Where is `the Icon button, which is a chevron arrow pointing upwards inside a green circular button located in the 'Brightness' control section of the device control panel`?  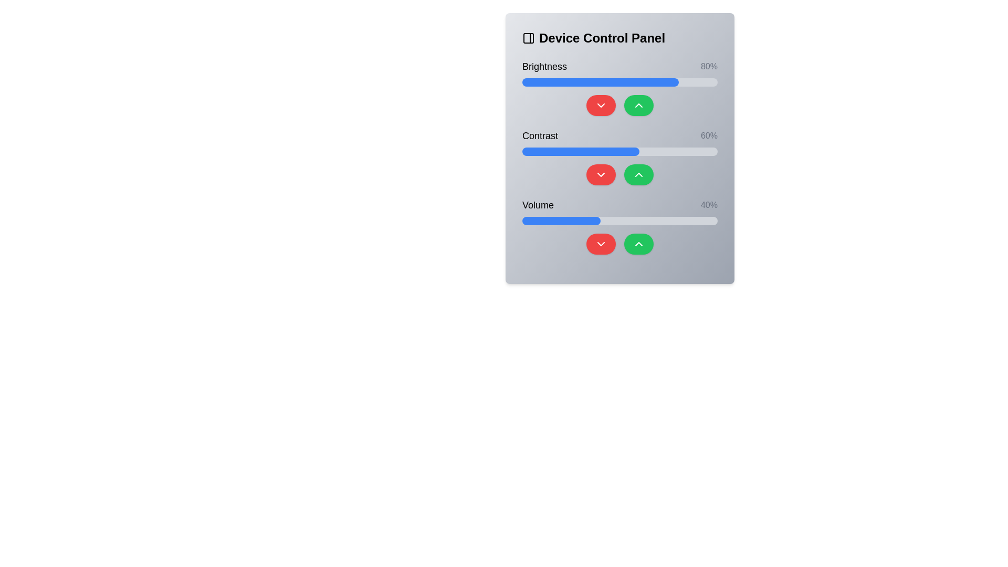
the Icon button, which is a chevron arrow pointing upwards inside a green circular button located in the 'Brightness' control section of the device control panel is located at coordinates (638, 105).